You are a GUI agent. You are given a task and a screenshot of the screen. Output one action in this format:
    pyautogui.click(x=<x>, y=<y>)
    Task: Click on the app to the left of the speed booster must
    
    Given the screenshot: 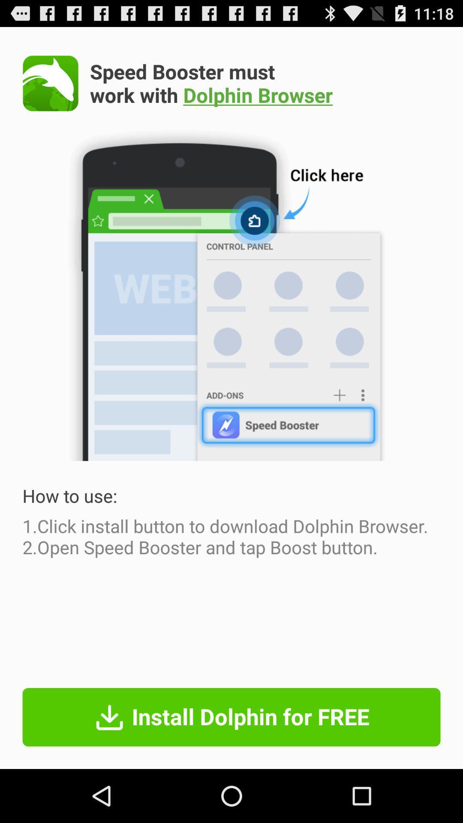 What is the action you would take?
    pyautogui.click(x=51, y=83)
    